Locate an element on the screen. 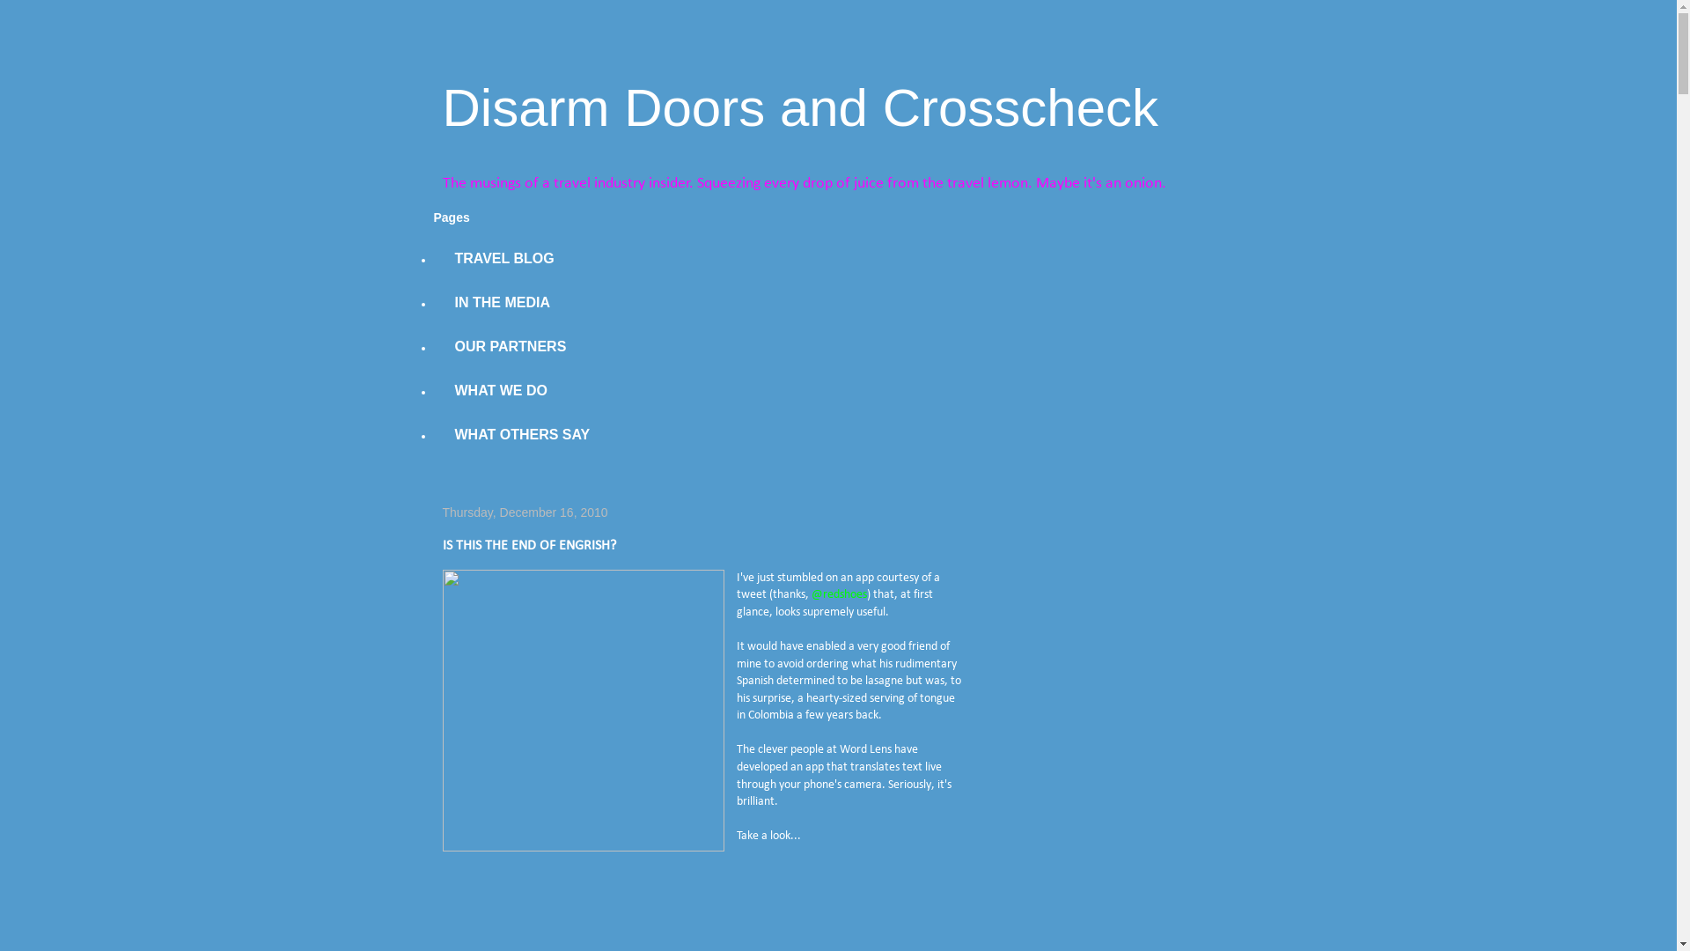  'WHAT OTHERS SAY' is located at coordinates (521, 434).